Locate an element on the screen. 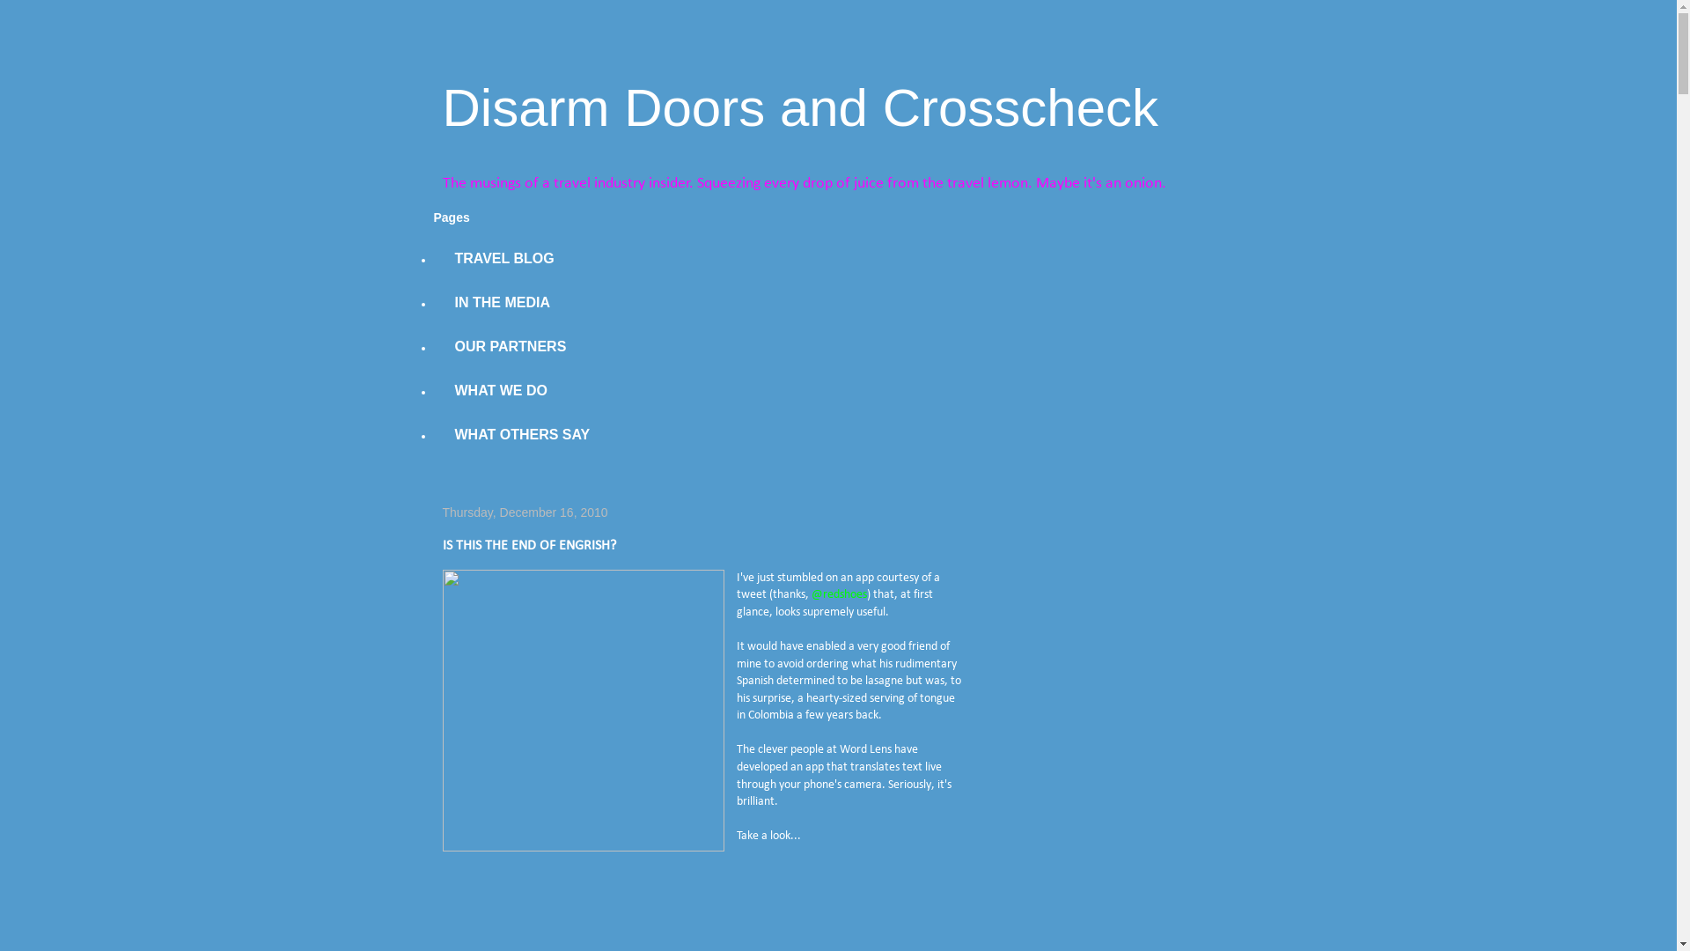  'WHAT OTHERS SAY' is located at coordinates (521, 434).